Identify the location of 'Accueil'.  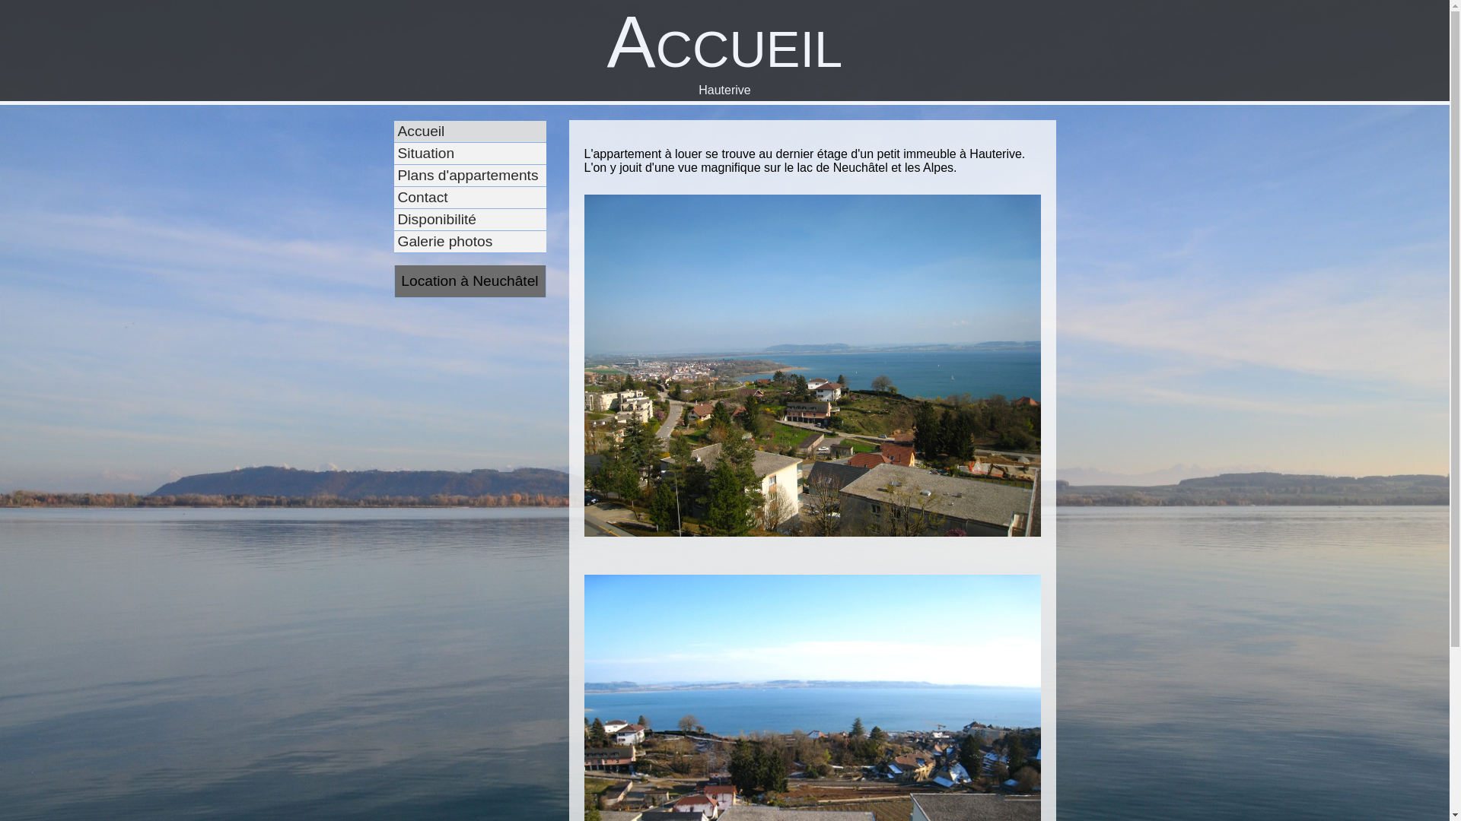
(485, 131).